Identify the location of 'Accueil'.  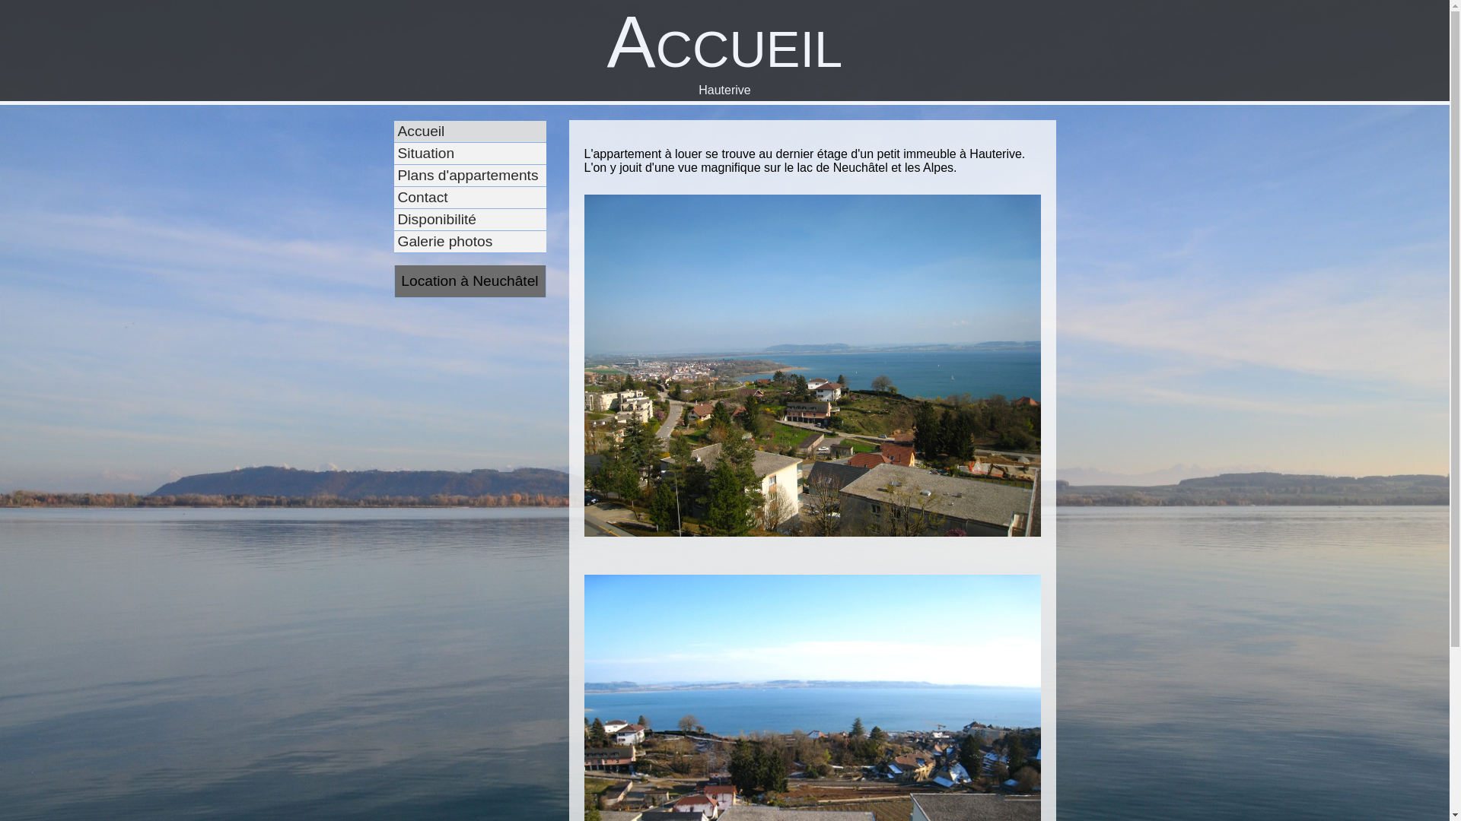
(485, 131).